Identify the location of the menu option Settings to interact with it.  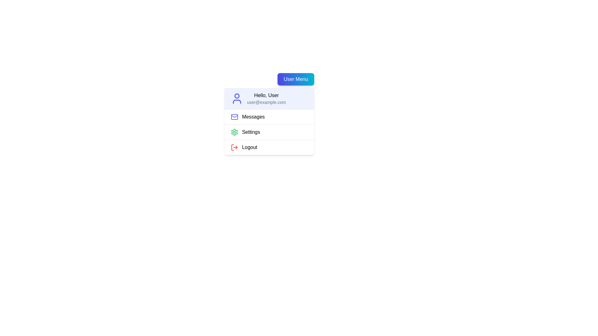
(269, 132).